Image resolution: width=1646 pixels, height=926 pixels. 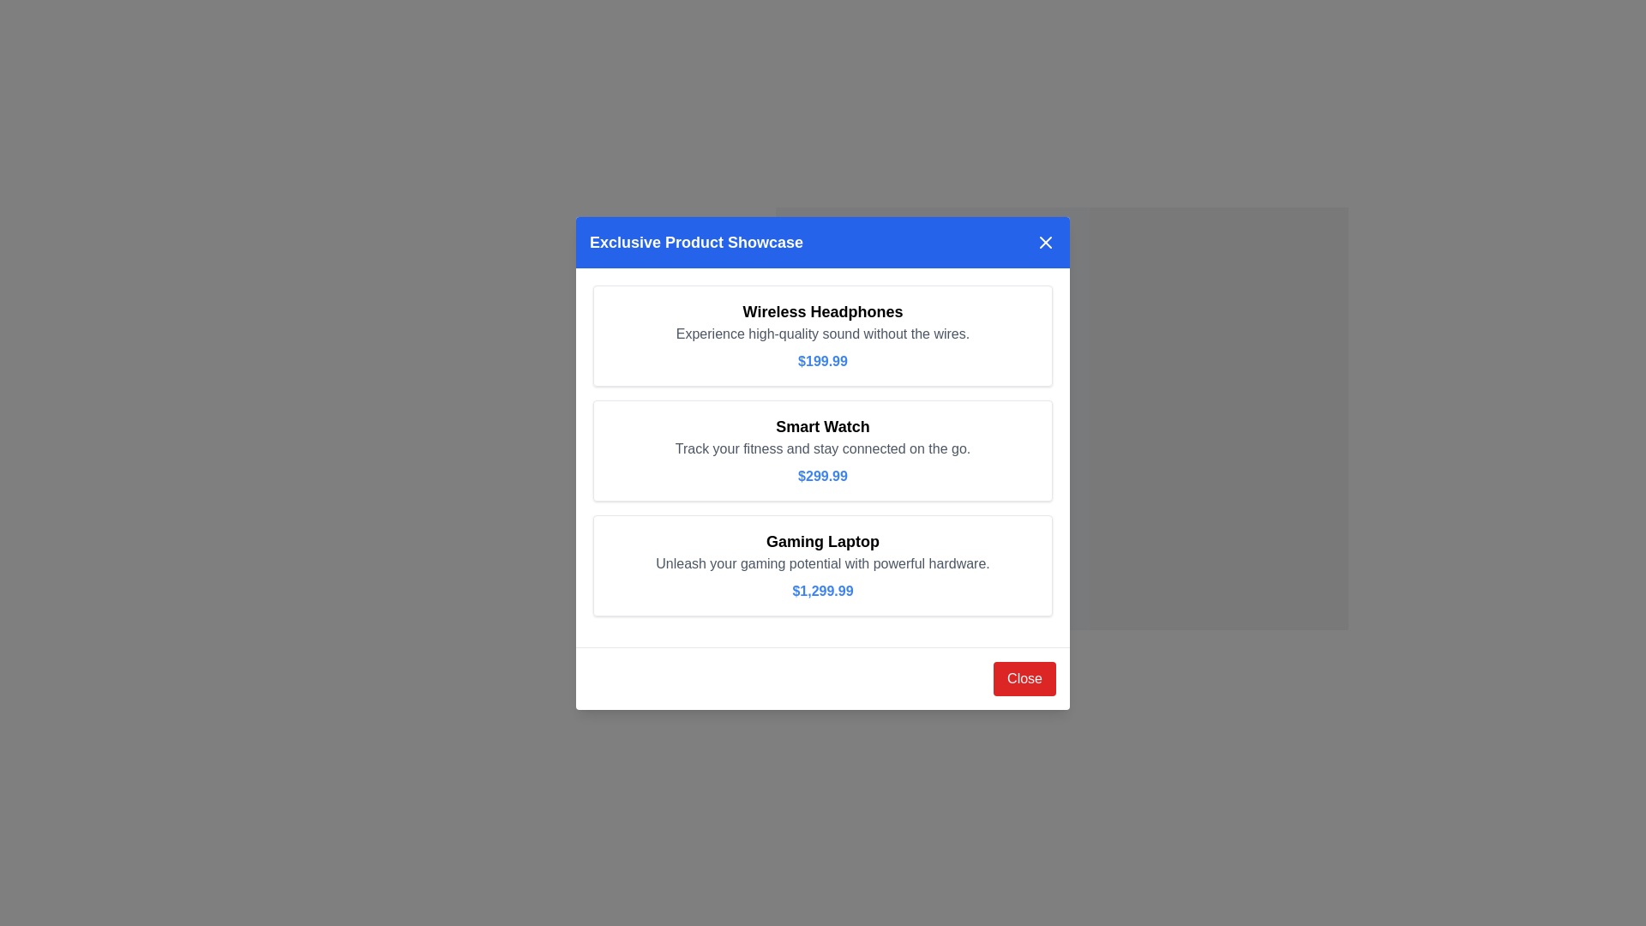 What do you see at coordinates (823, 563) in the screenshot?
I see `descriptive tagline text element for the 'Gaming Laptop' product, which is centrally aligned and located between the title and the price` at bounding box center [823, 563].